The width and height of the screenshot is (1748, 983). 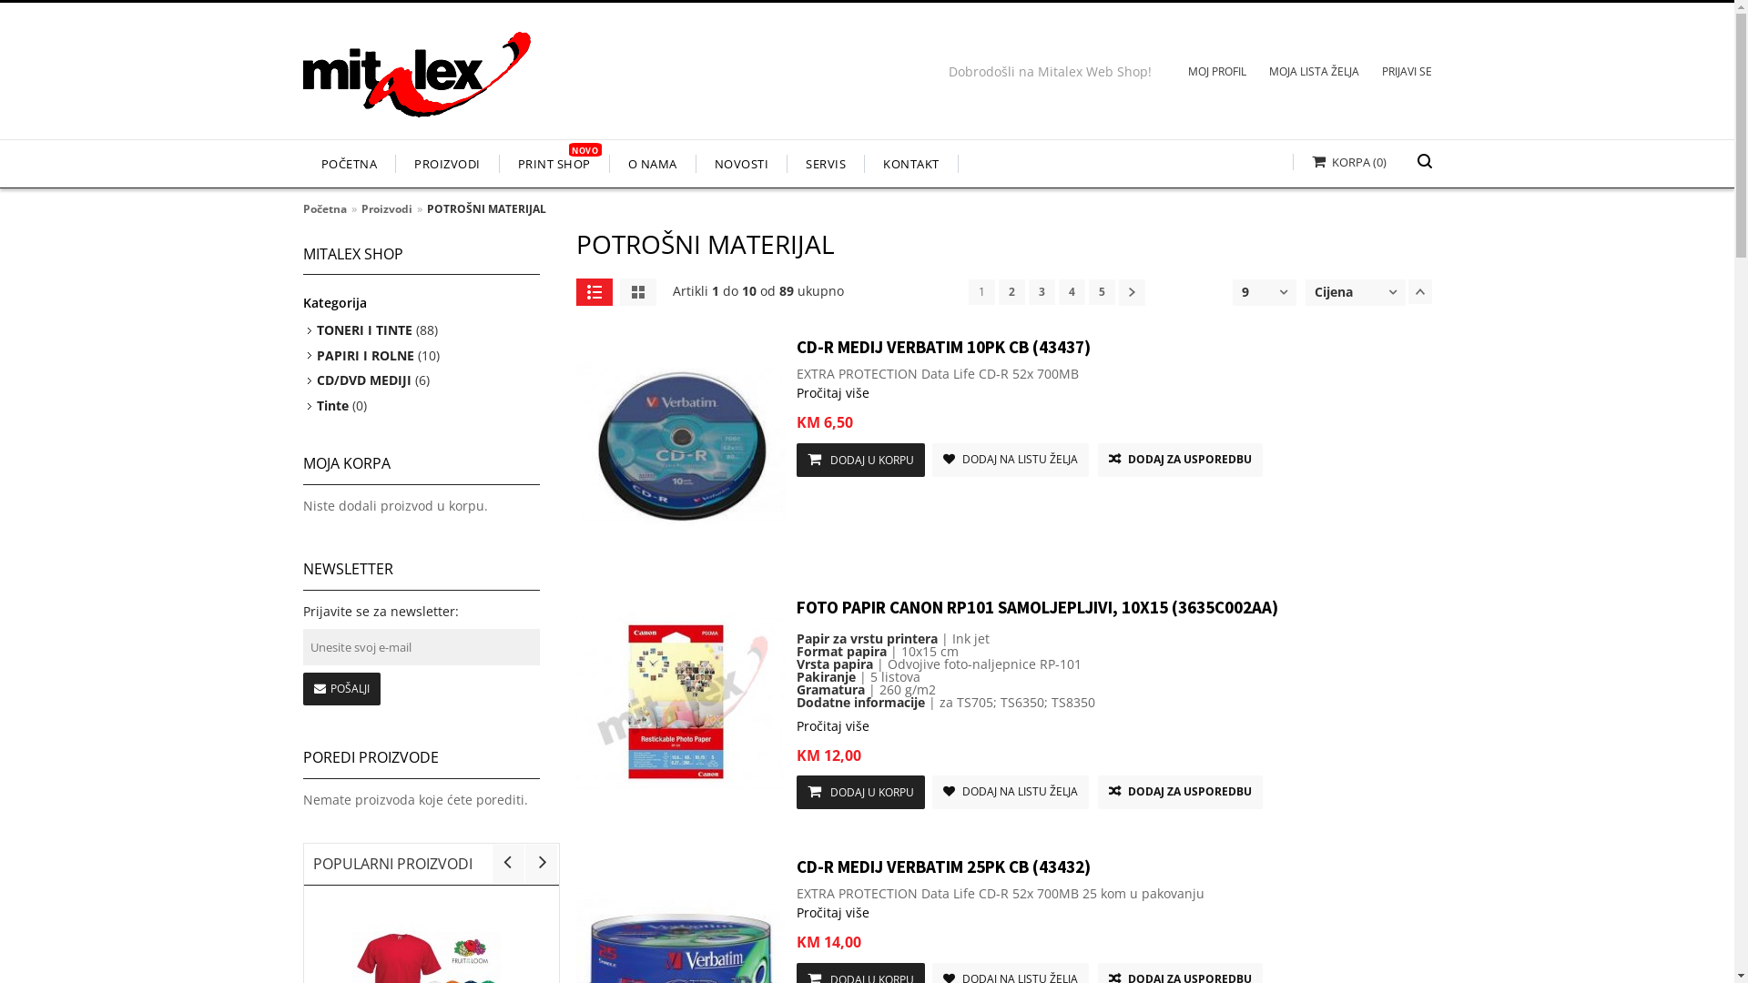 What do you see at coordinates (1418, 290) in the screenshot?
I see `'Set Descending Direction'` at bounding box center [1418, 290].